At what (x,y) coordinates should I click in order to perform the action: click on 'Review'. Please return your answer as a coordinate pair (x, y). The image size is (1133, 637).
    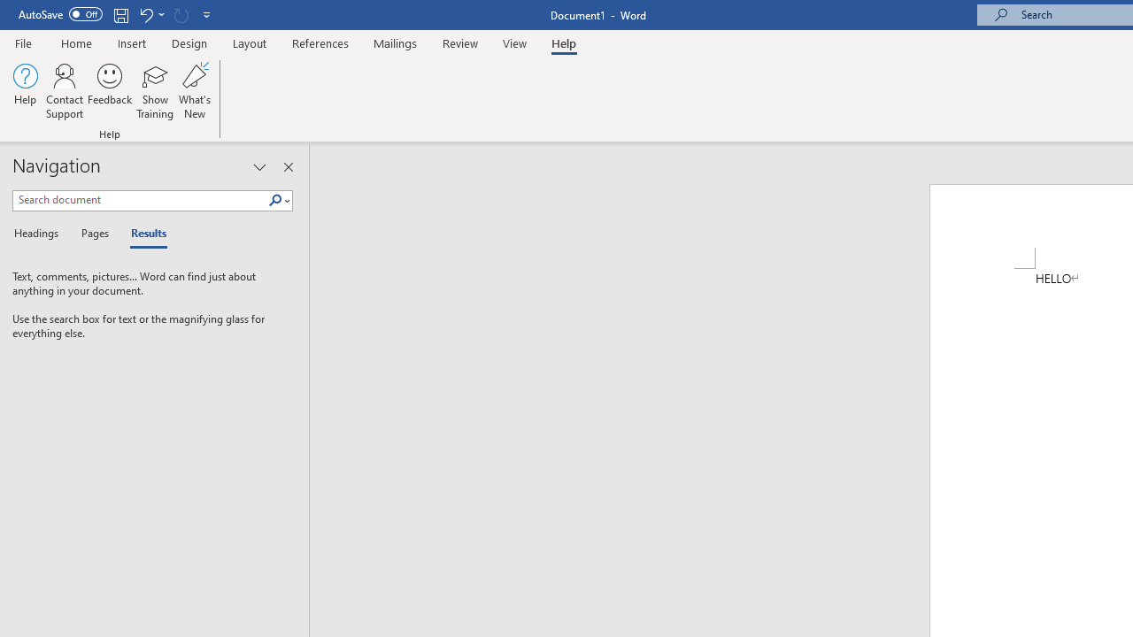
    Looking at the image, I should click on (460, 42).